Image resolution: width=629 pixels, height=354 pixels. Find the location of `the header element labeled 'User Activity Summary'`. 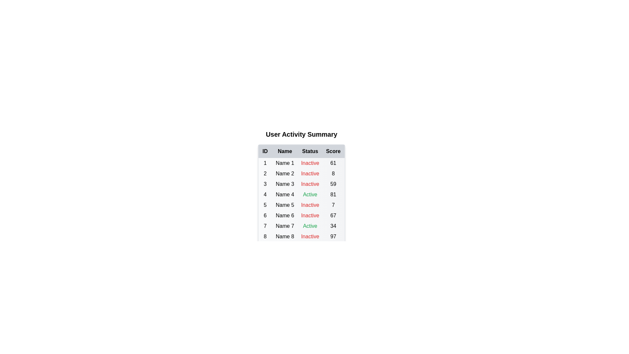

the header element labeled 'User Activity Summary' is located at coordinates (301, 134).